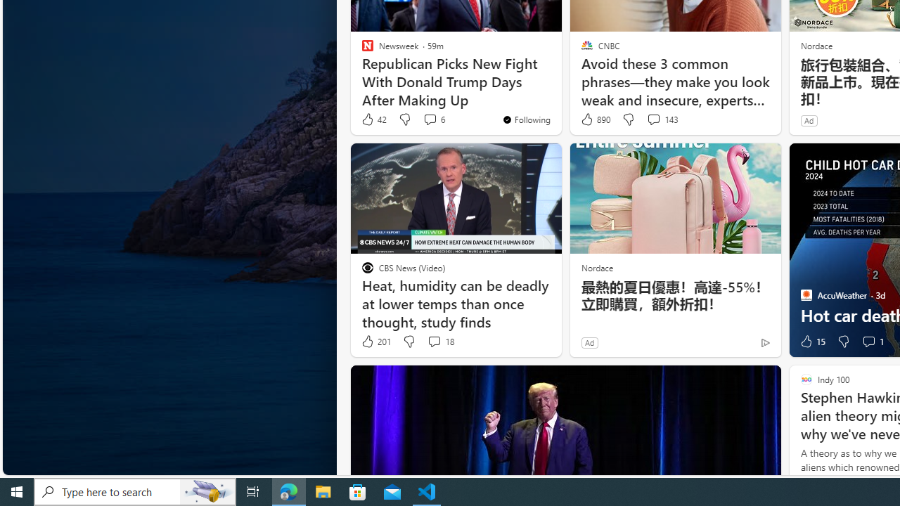  Describe the element at coordinates (429, 118) in the screenshot. I see `'View comments 6 Comment'` at that location.